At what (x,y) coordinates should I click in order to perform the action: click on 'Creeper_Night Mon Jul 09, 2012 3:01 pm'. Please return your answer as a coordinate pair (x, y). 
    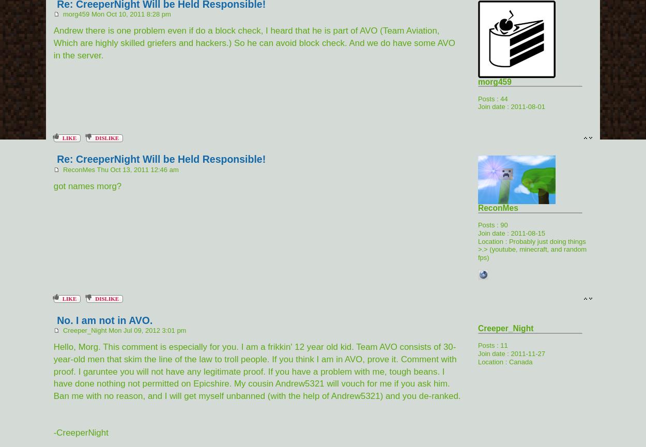
    Looking at the image, I should click on (58, 330).